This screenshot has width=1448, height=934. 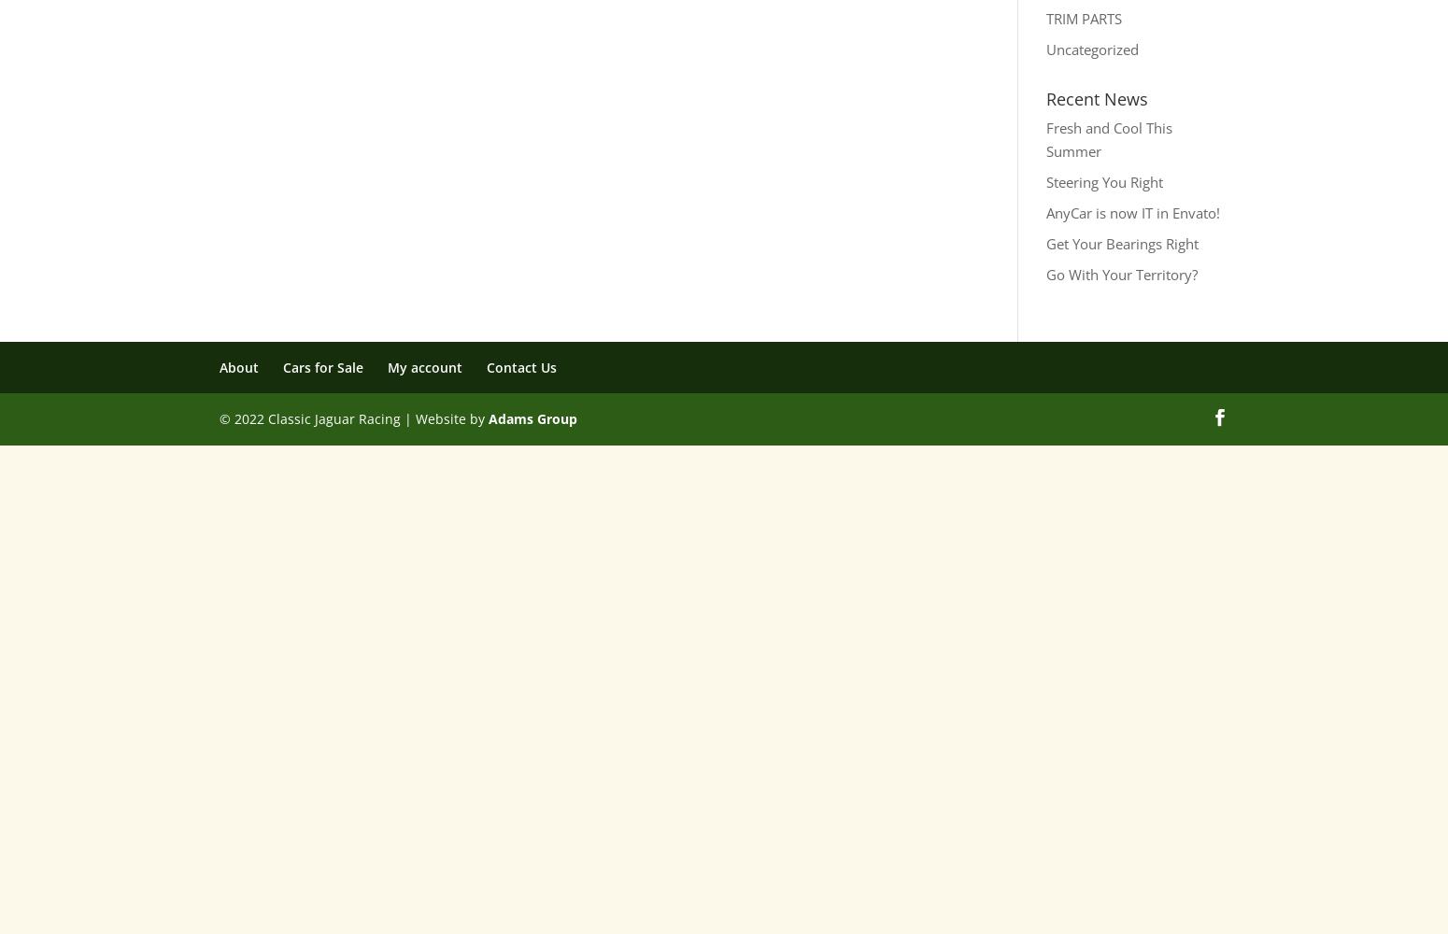 I want to click on 'Contact Us', so click(x=521, y=366).